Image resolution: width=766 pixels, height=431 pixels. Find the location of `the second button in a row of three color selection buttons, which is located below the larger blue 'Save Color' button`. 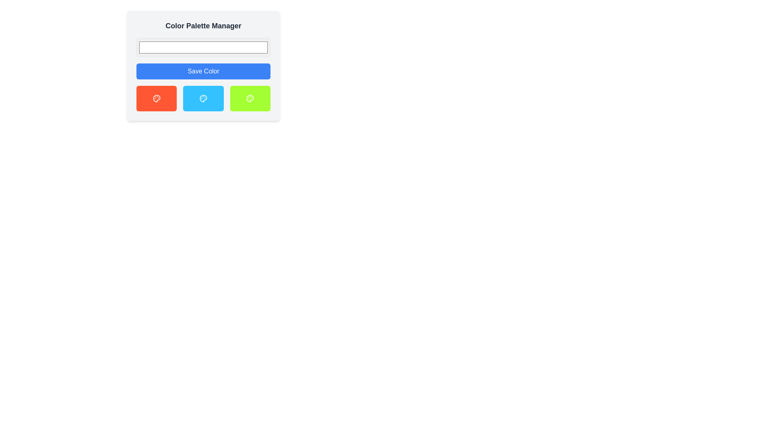

the second button in a row of three color selection buttons, which is located below the larger blue 'Save Color' button is located at coordinates (203, 98).